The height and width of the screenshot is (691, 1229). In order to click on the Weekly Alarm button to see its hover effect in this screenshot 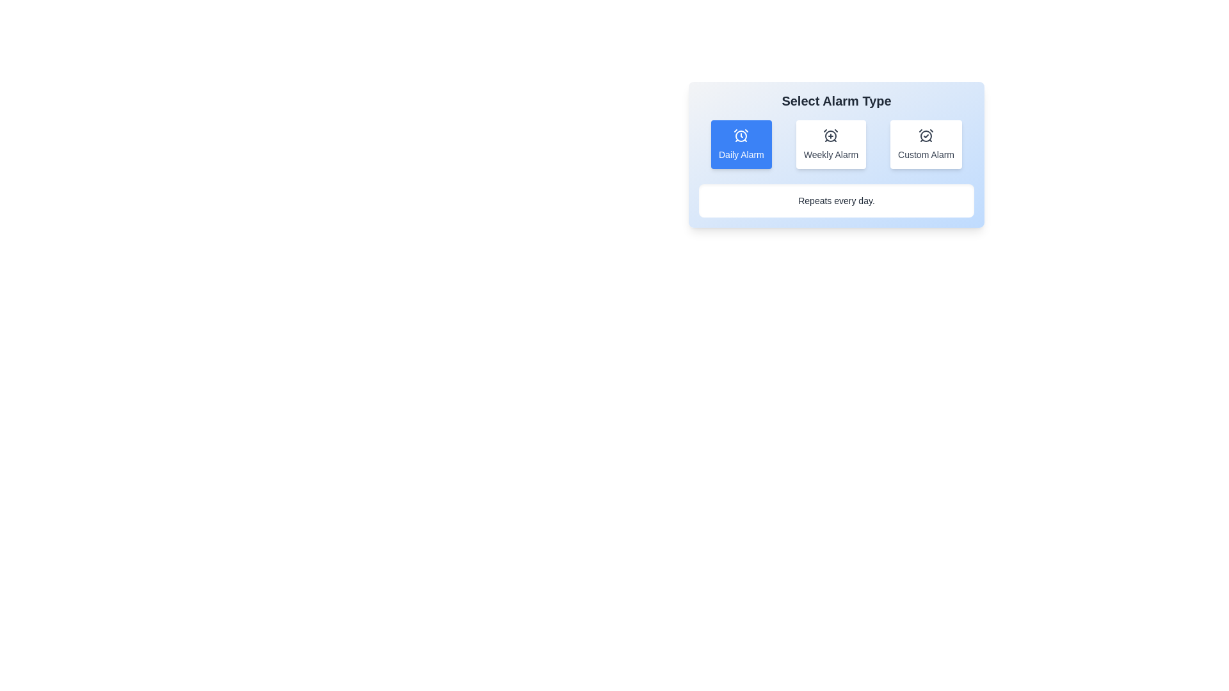, I will do `click(831, 144)`.